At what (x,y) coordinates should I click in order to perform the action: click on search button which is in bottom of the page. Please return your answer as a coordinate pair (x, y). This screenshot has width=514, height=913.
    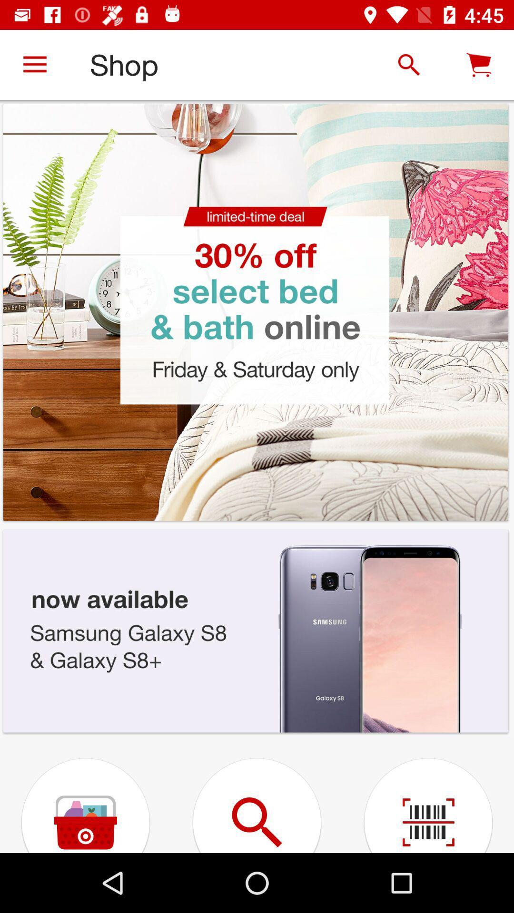
    Looking at the image, I should click on (257, 795).